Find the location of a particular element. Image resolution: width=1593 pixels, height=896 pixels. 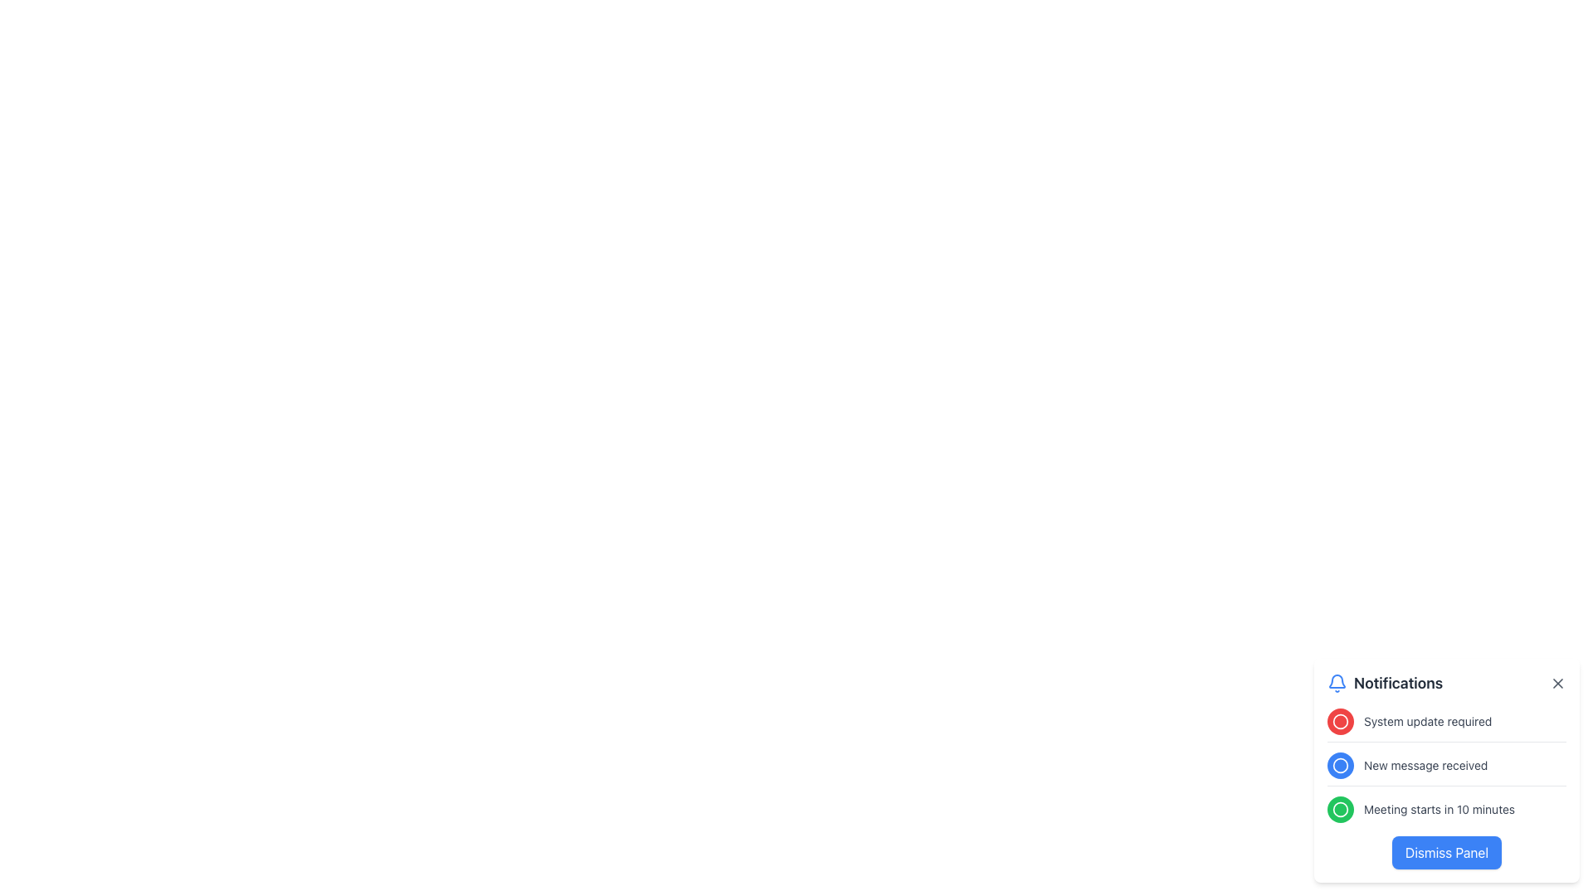

text content of the notification label that says 'New message received', which is styled in a small gray font and located to the right of a blue icon is located at coordinates (1425, 765).